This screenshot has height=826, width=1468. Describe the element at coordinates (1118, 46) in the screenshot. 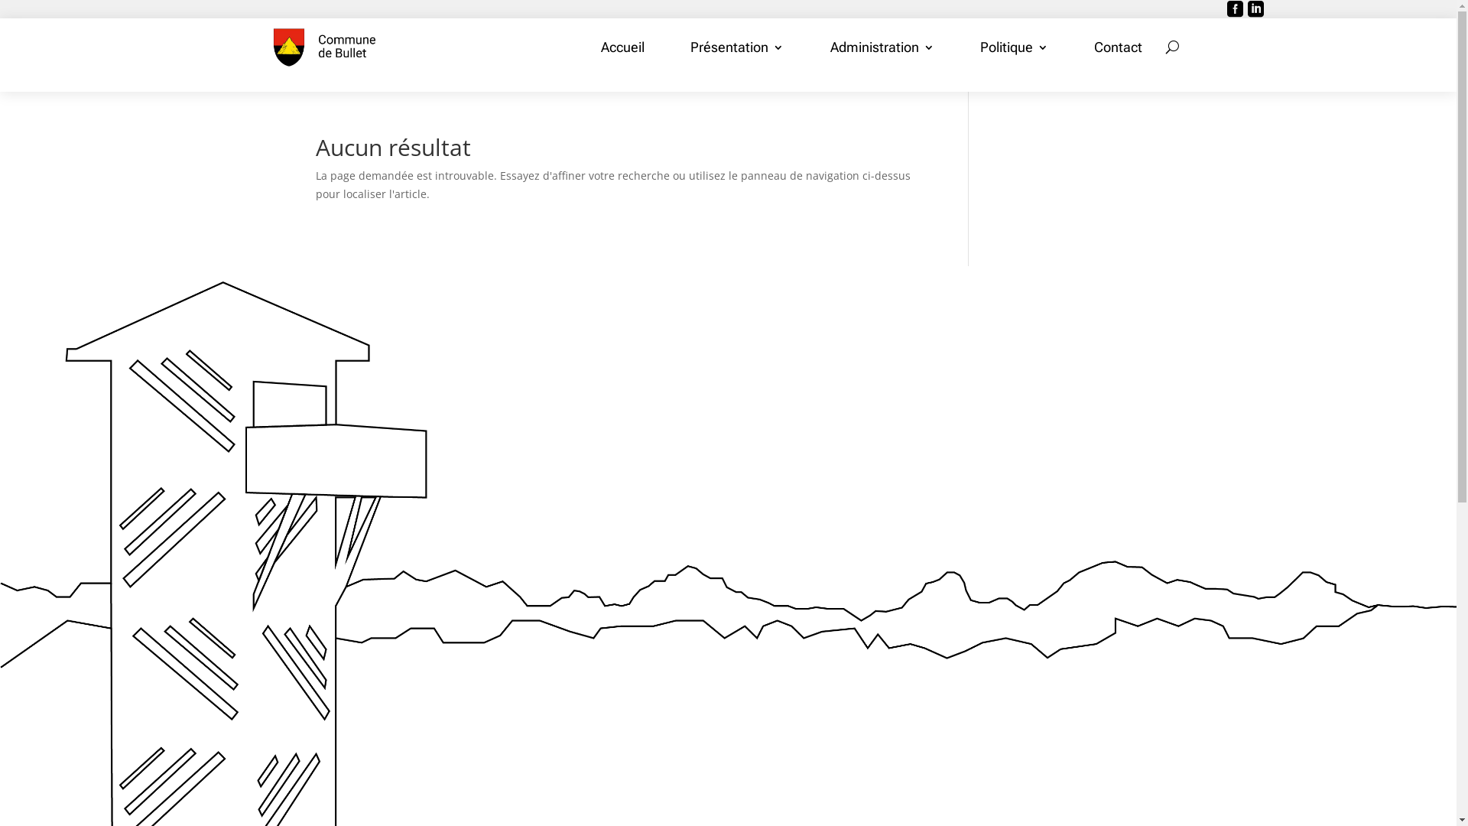

I see `'Contact'` at that location.